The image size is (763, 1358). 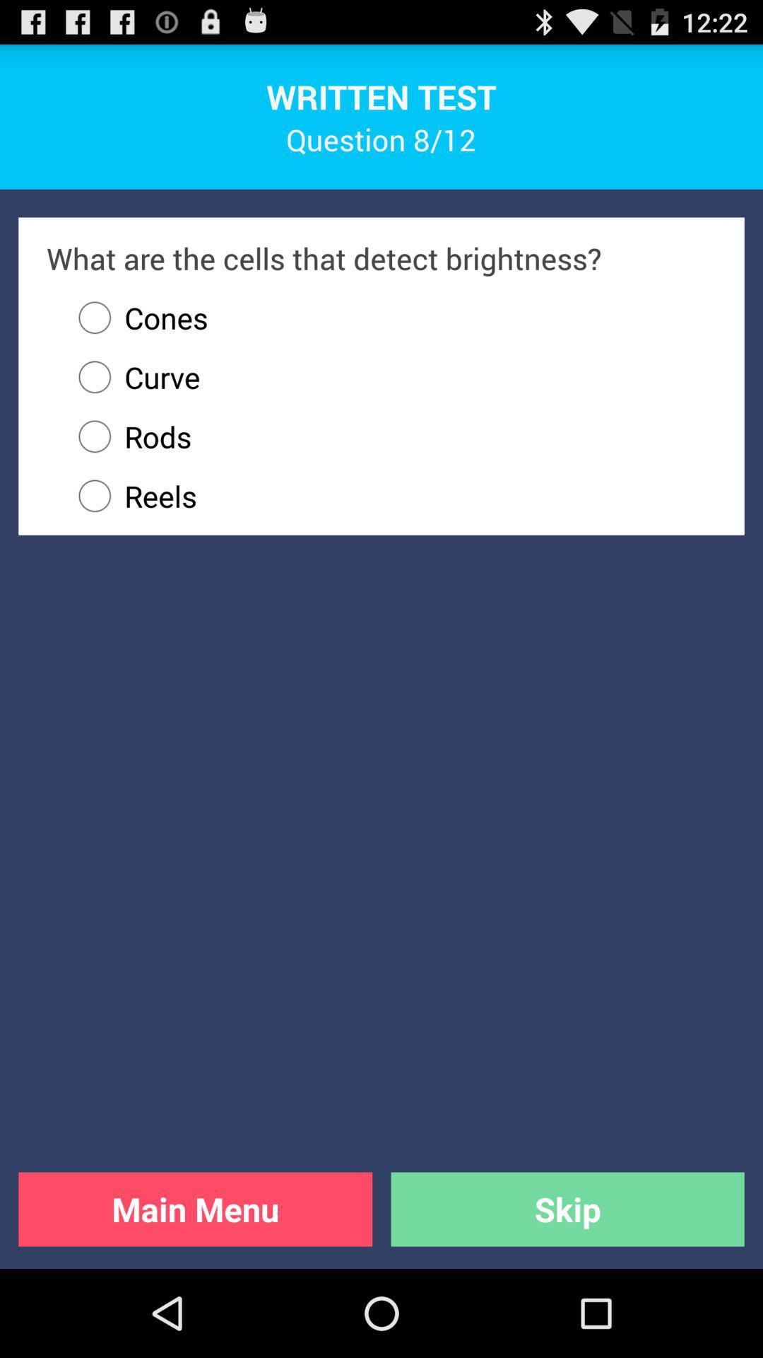 What do you see at coordinates (391, 496) in the screenshot?
I see `the item above the main menu` at bounding box center [391, 496].